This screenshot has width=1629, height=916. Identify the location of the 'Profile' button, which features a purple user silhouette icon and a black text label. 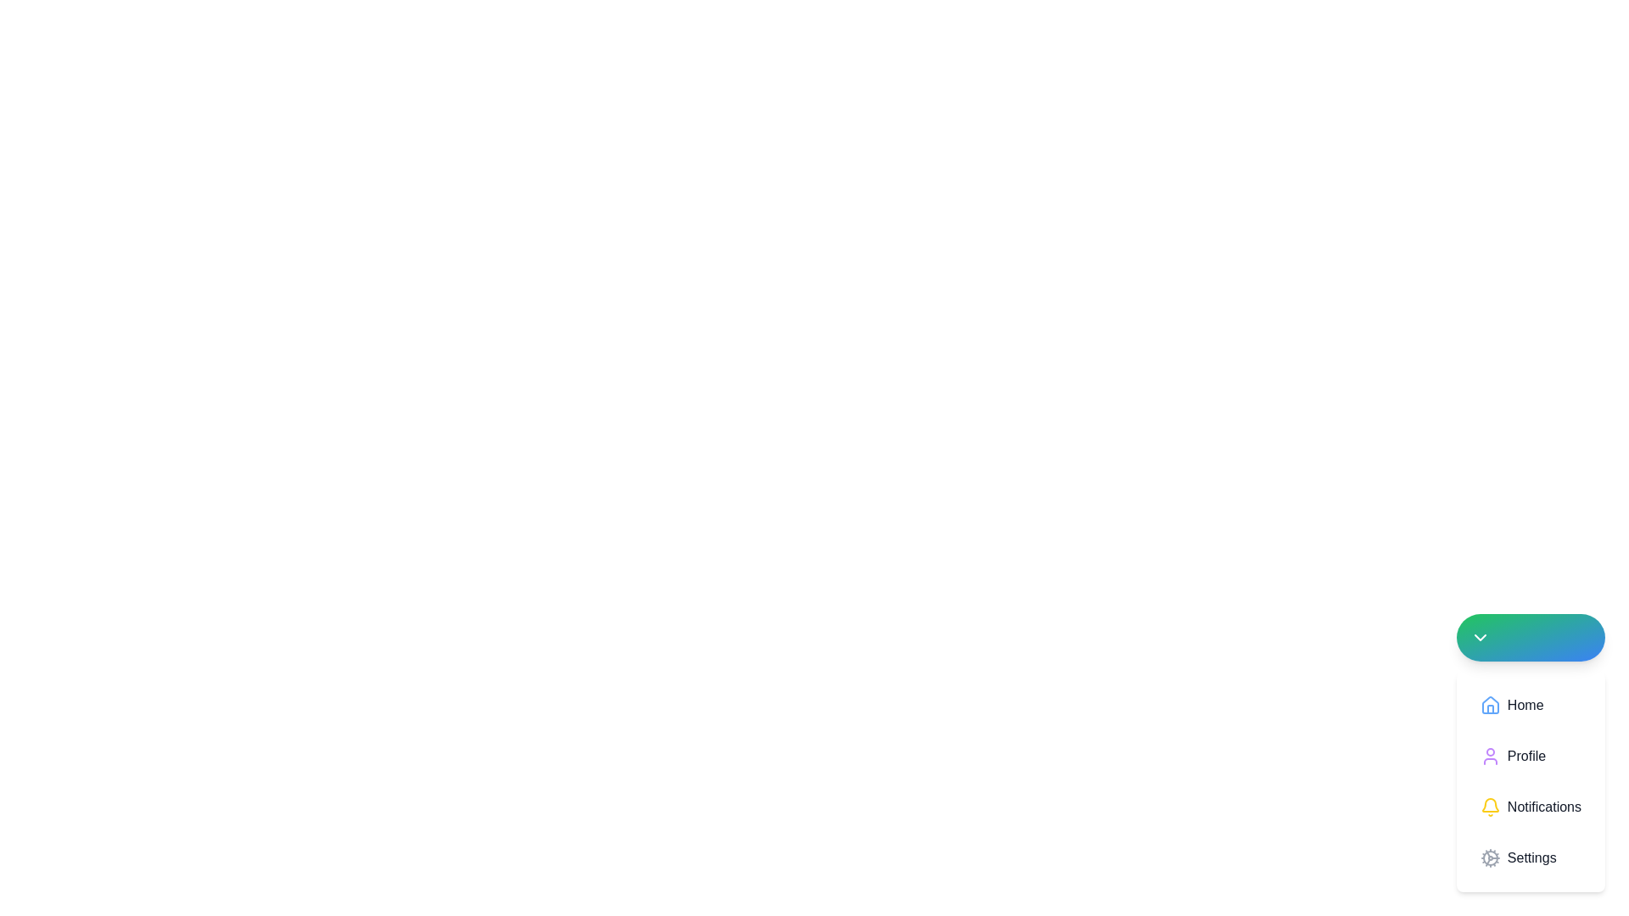
(1531, 755).